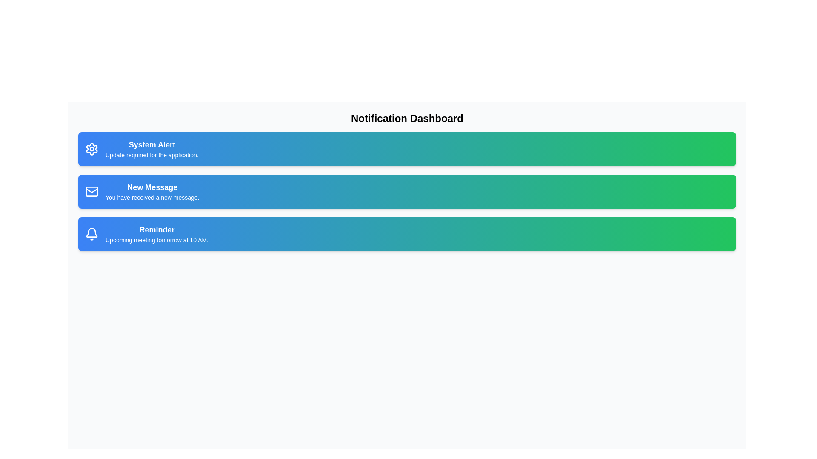  What do you see at coordinates (92, 192) in the screenshot?
I see `the icon within the notification card titled 'New Message'` at bounding box center [92, 192].